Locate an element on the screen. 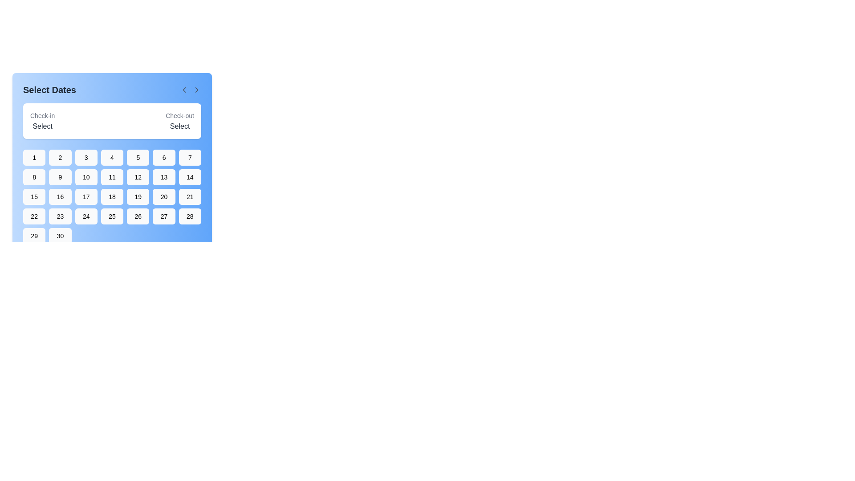 Image resolution: width=855 pixels, height=481 pixels. the calendar day button representing the 13th day of the month is located at coordinates (164, 177).